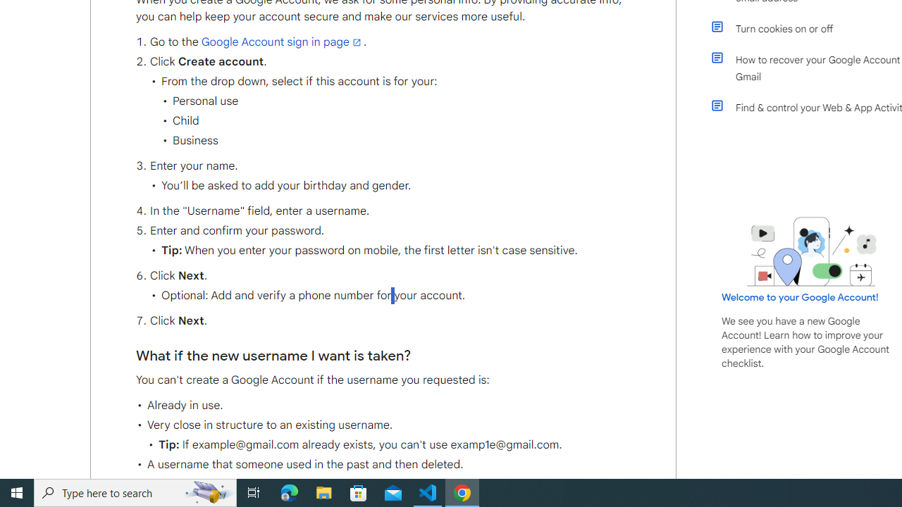  What do you see at coordinates (812, 251) in the screenshot?
I see `'Learning Center home page image'` at bounding box center [812, 251].